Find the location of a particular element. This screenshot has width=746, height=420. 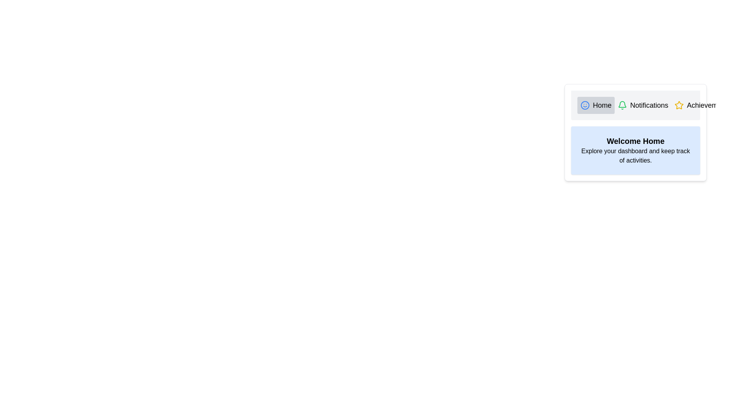

the tab labeled 'Home' to observe its hover effect is located at coordinates (596, 105).